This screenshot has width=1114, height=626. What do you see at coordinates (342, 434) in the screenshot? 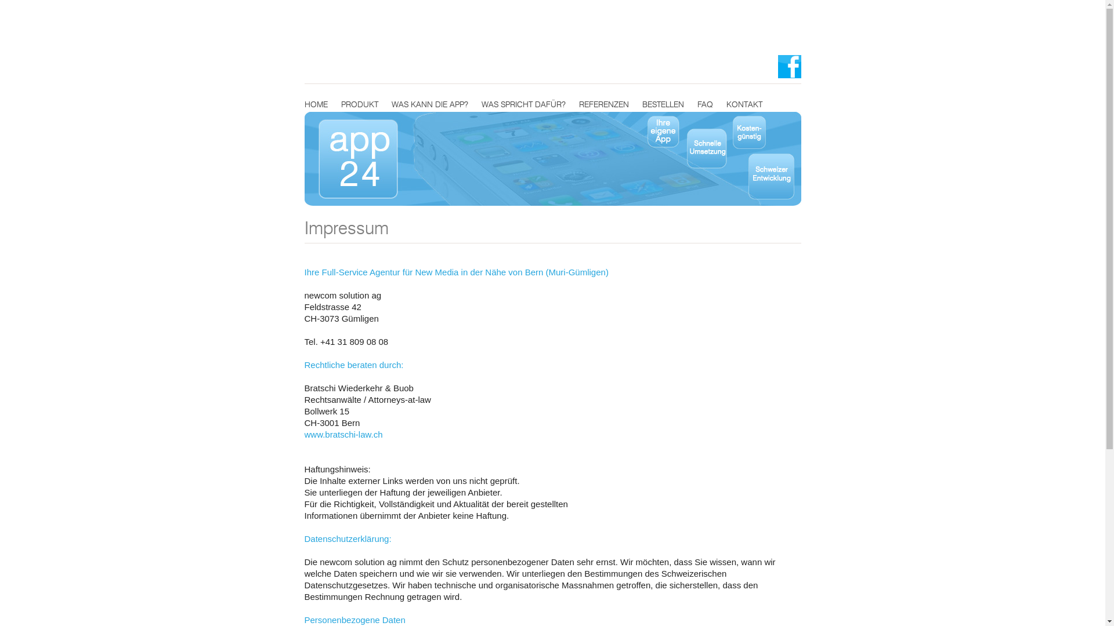
I see `'www.bratschi-law.ch'` at bounding box center [342, 434].